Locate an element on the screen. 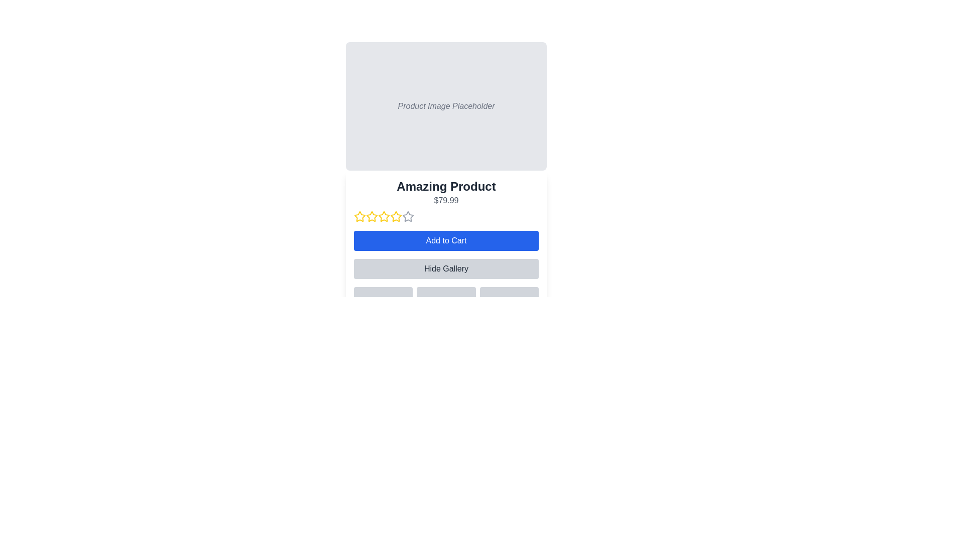 Image resolution: width=964 pixels, height=542 pixels. the third rating star icon button to indicate a three-star rating for the product below the text 'Amazing Product' and '$79.99' is located at coordinates (383, 216).